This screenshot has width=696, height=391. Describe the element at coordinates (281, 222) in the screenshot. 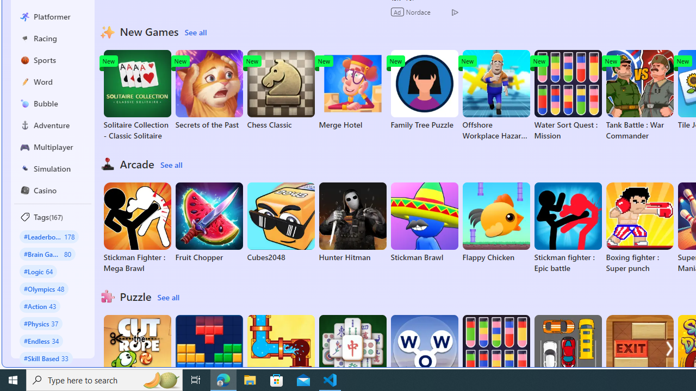

I see `'Cubes2048'` at that location.